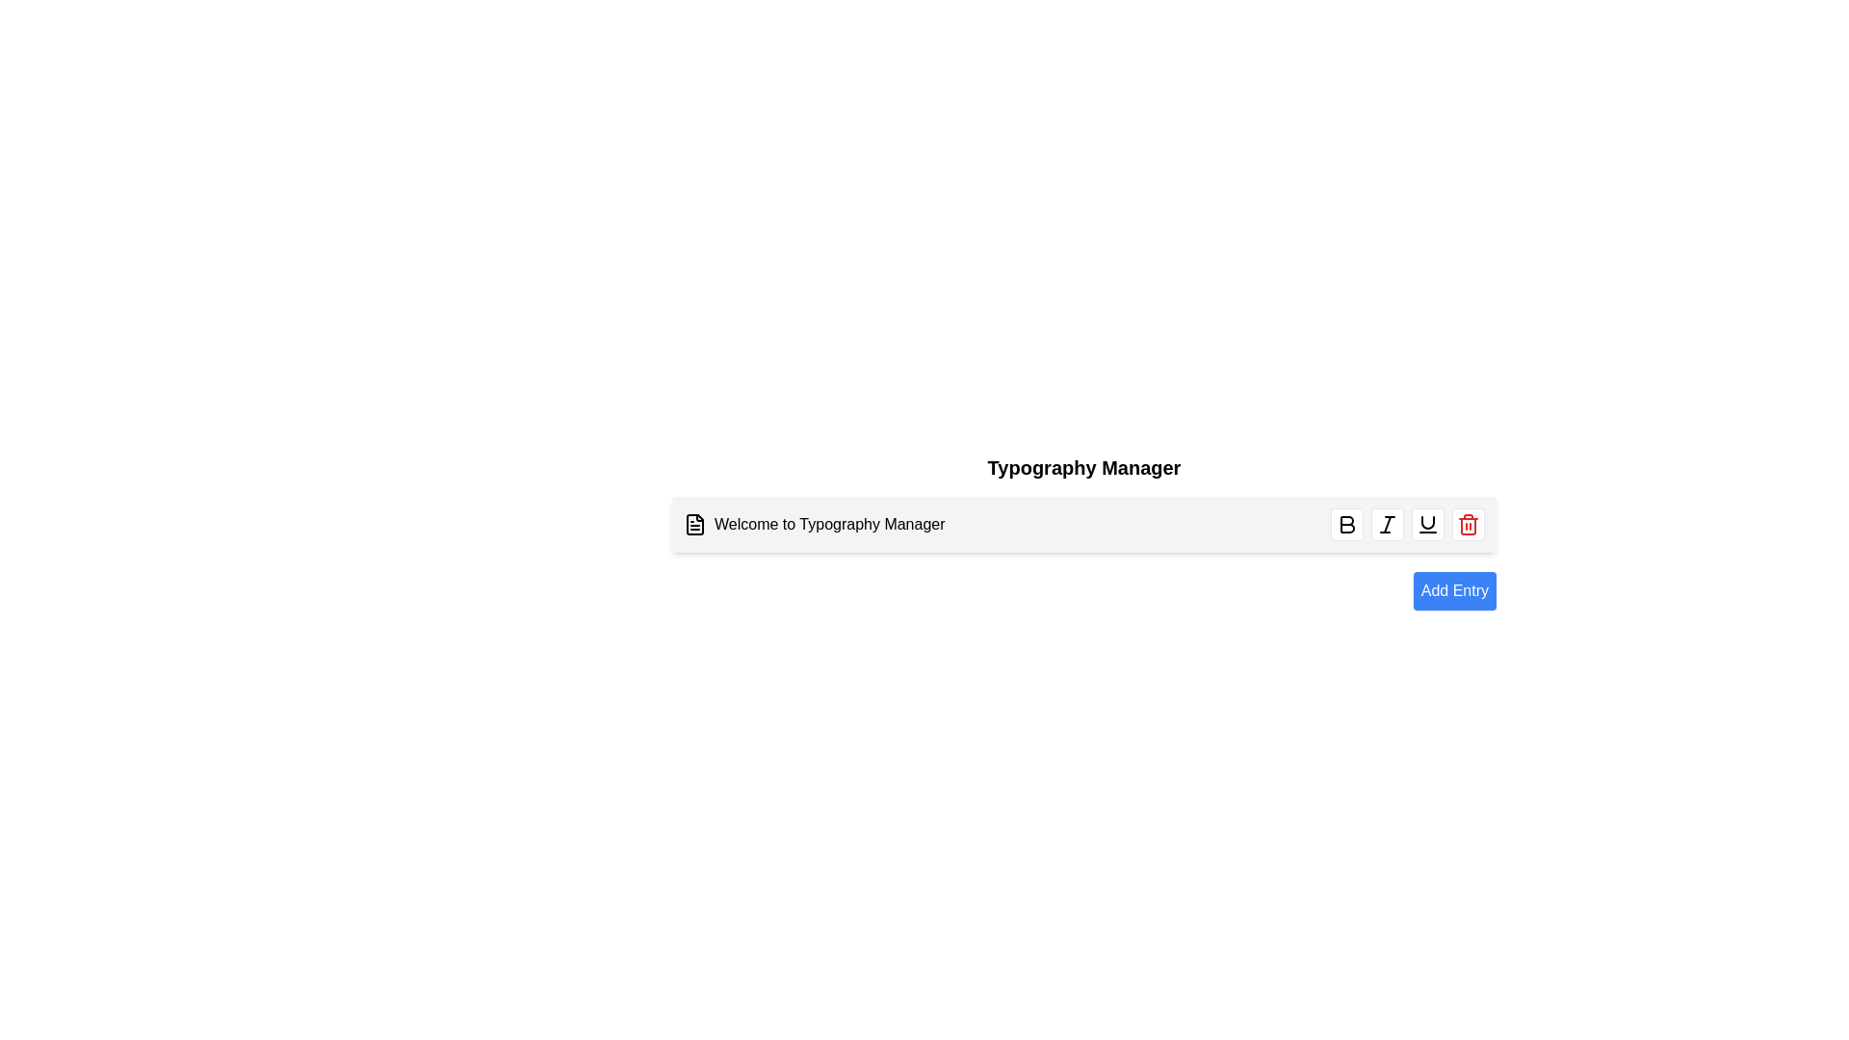 The height and width of the screenshot is (1040, 1849). Describe the element at coordinates (1428, 524) in the screenshot. I see `the underline button, which is a small black icon resembling a stylized letter 'U' within a rounded white button` at that location.